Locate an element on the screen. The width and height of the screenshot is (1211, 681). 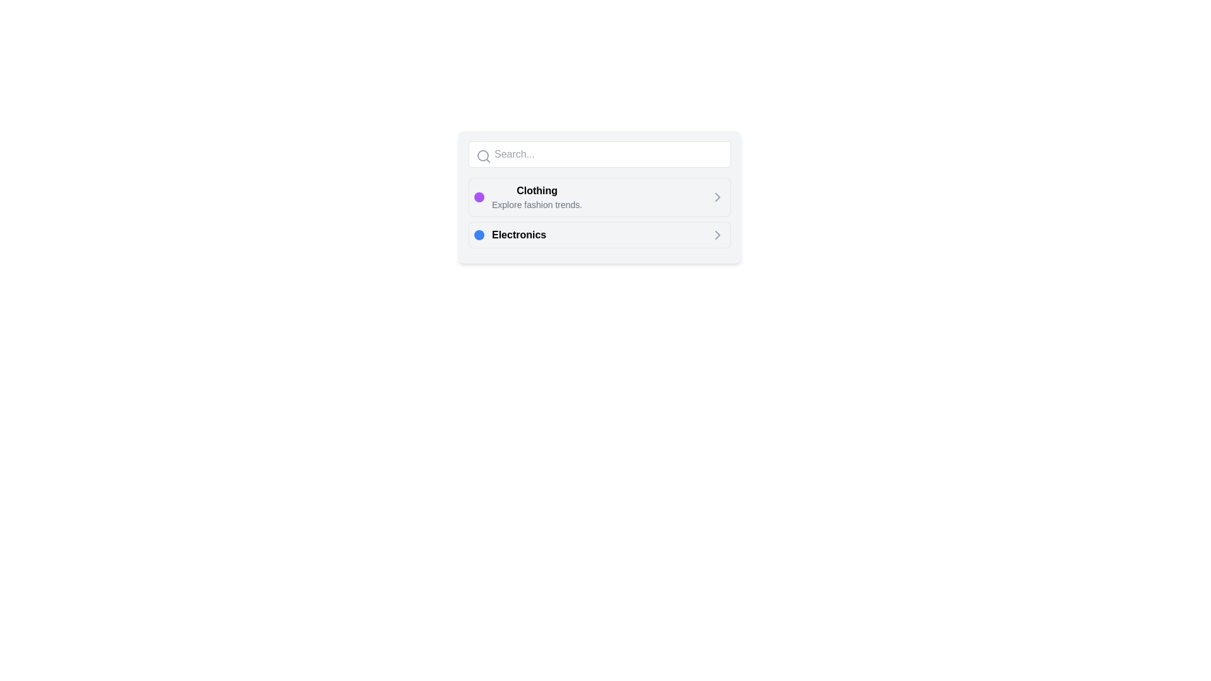
the text label that serves as the title for a category, located in the upper section of a vertically stacked list, within a card that contains the text 'Explore fashion trends.' is located at coordinates (537, 191).